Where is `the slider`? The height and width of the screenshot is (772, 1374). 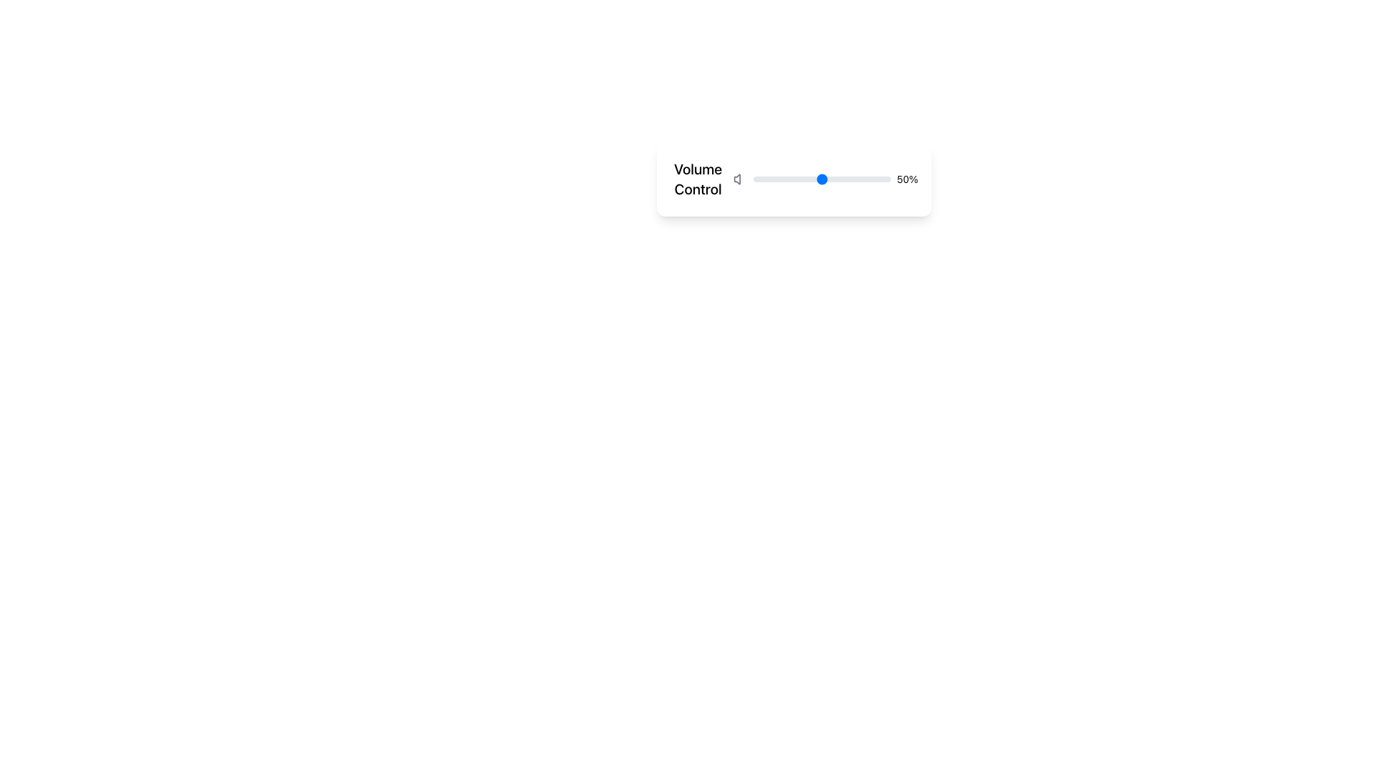
the slider is located at coordinates (824, 178).